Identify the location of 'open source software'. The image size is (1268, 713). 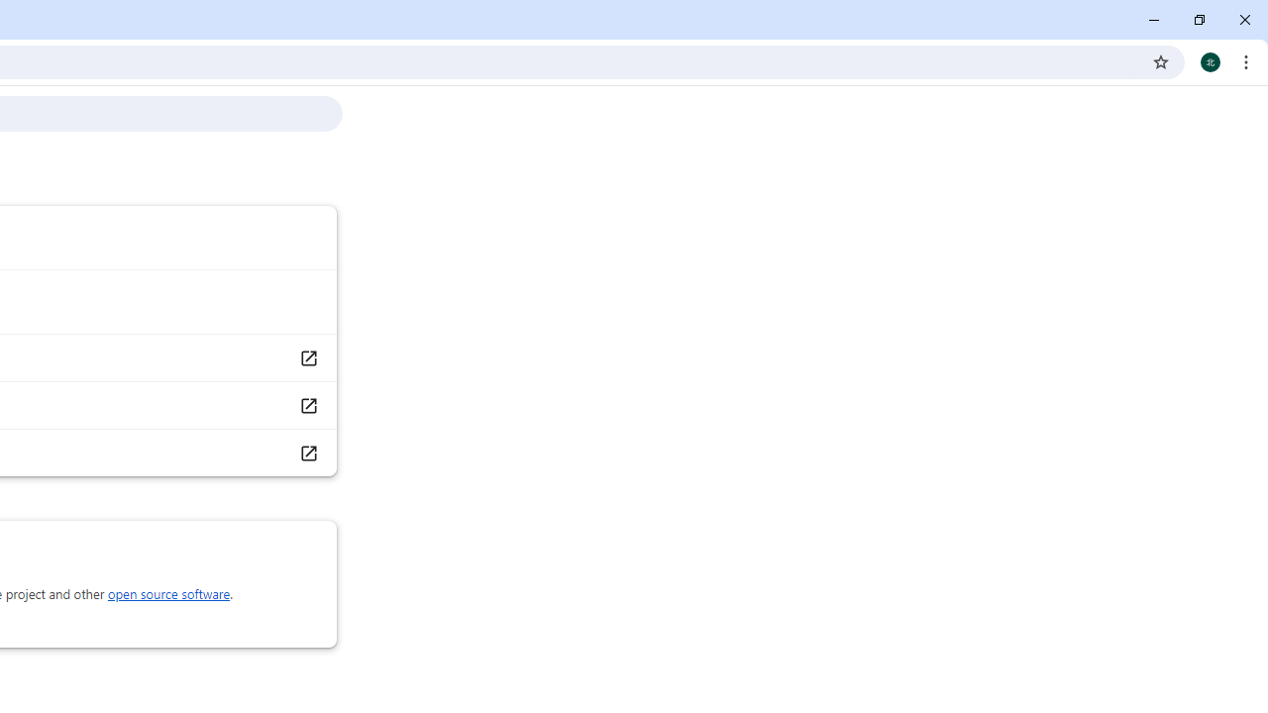
(168, 593).